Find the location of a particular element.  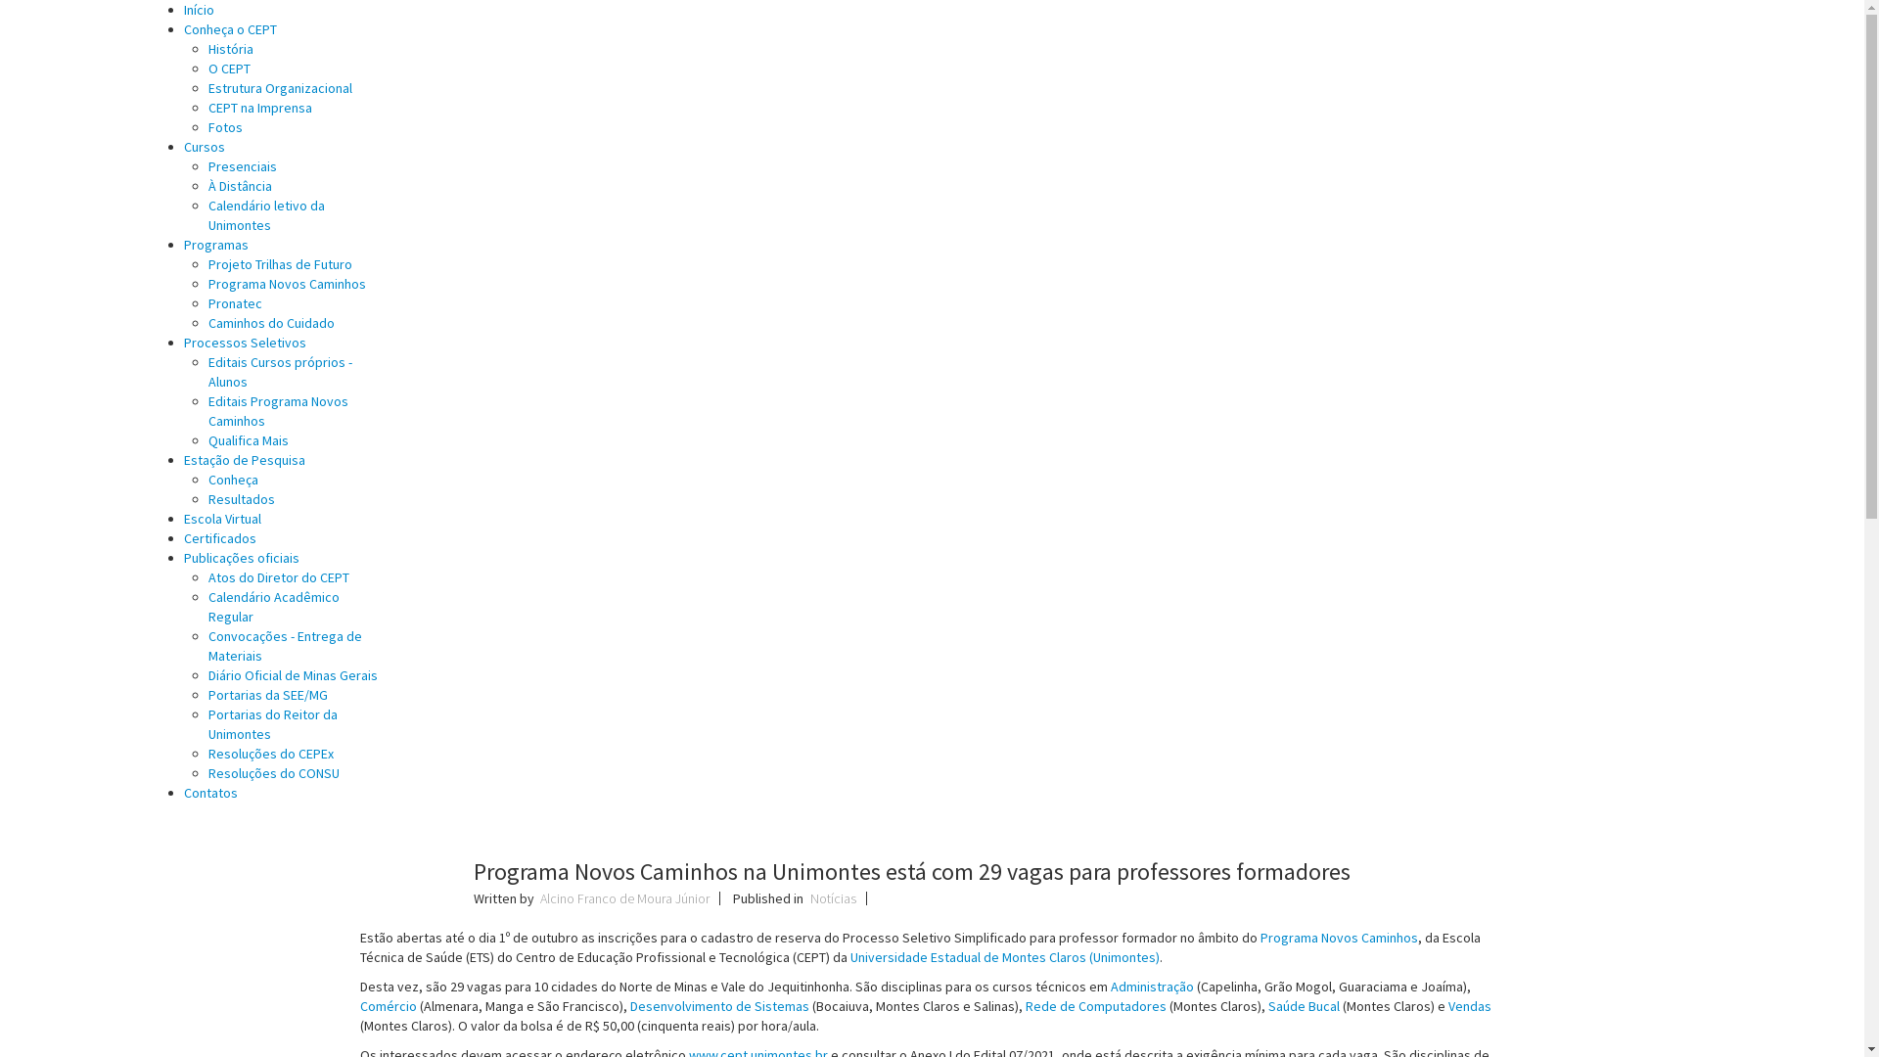

'Caminhos do Cuidado' is located at coordinates (207, 322).